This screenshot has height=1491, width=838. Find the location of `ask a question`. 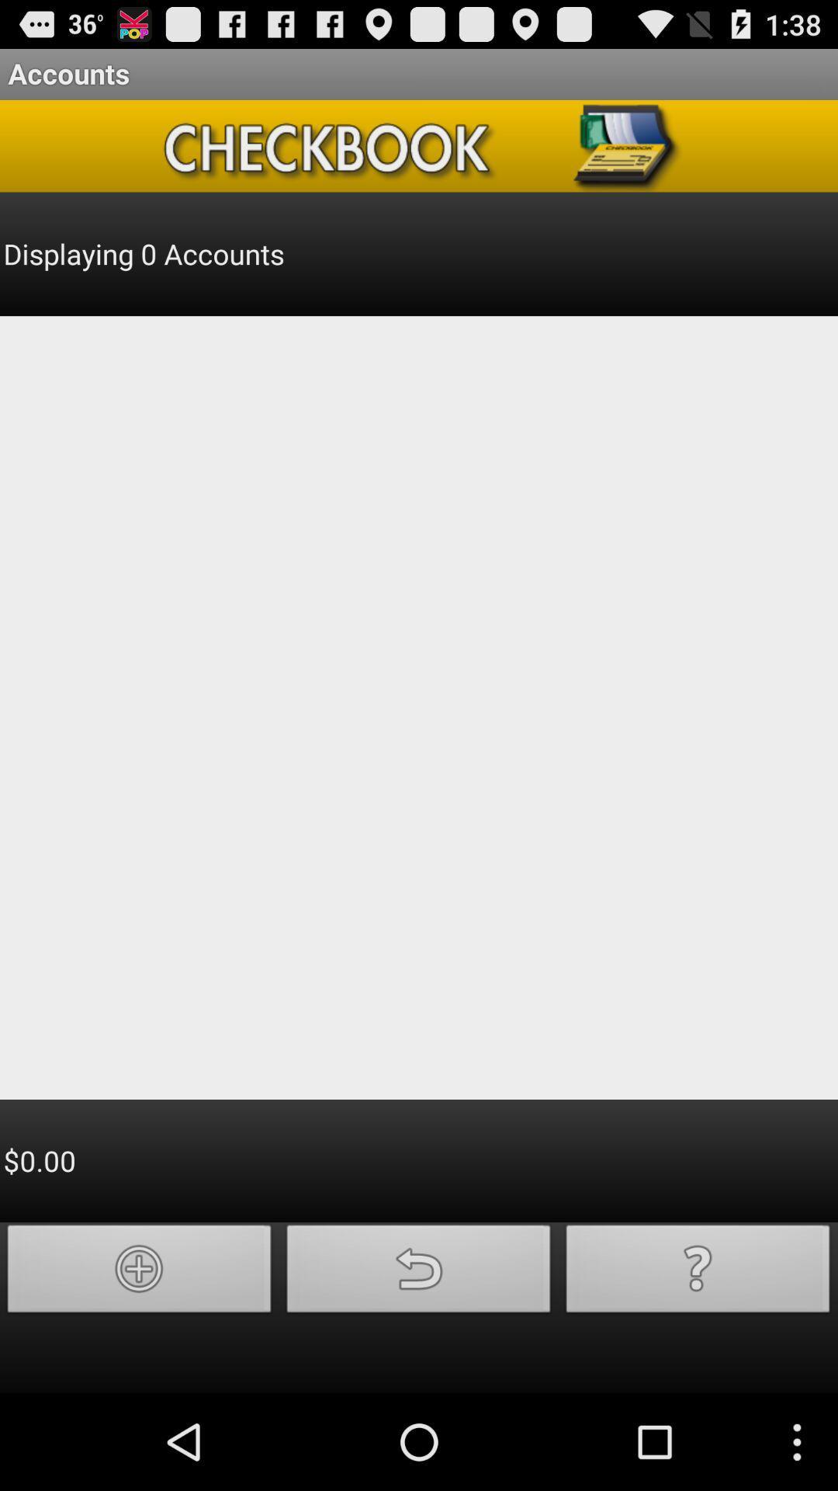

ask a question is located at coordinates (697, 1273).